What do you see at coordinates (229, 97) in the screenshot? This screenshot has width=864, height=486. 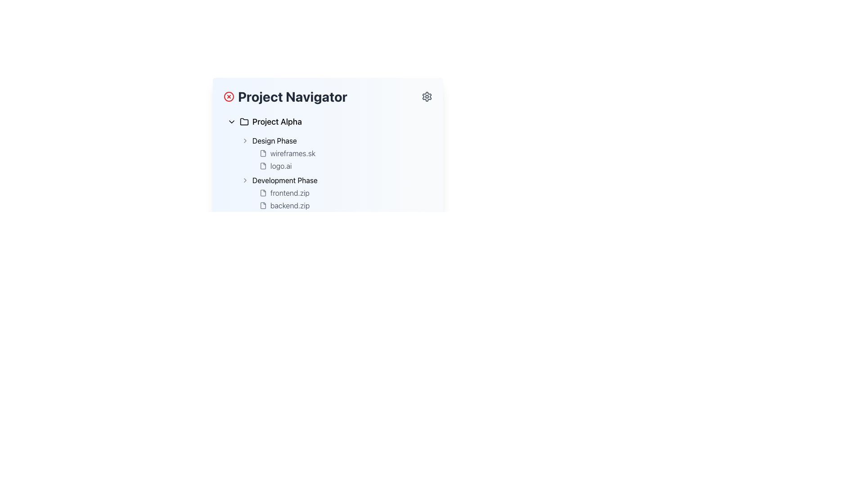 I see `the circular SVG element with a red border located at the top-left of the interface next to the 'Project Navigator' title` at bounding box center [229, 97].